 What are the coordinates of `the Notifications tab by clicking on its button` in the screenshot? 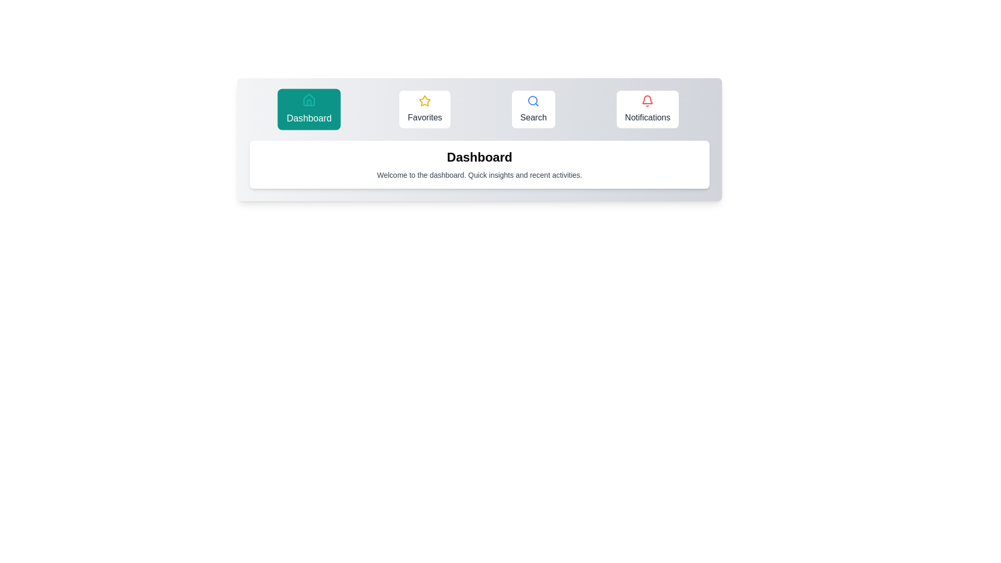 It's located at (647, 109).